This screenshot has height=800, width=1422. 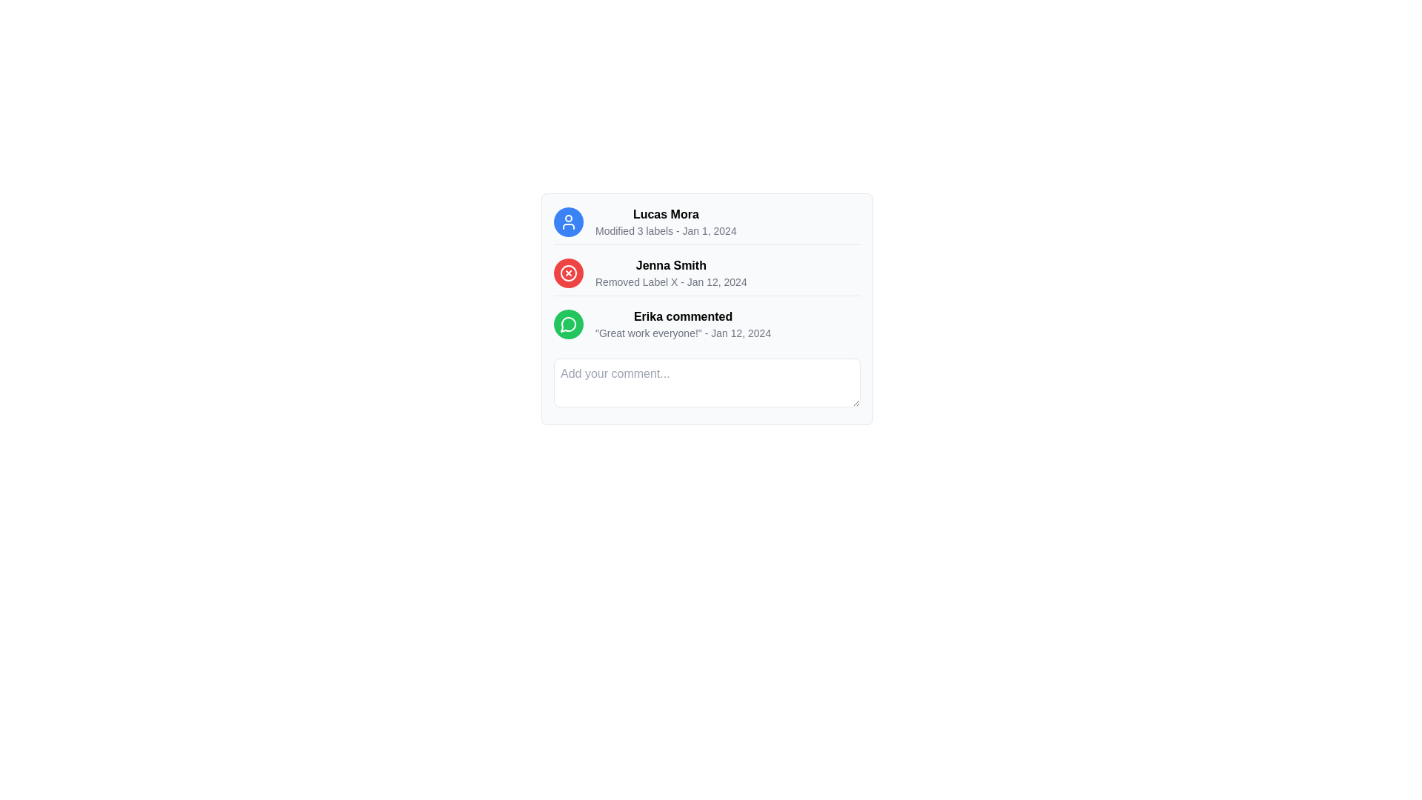 I want to click on contents of the comment made by user Erika, which is the third entry in the list located between Jenna Smith's comment and the comment input box, so click(x=707, y=308).